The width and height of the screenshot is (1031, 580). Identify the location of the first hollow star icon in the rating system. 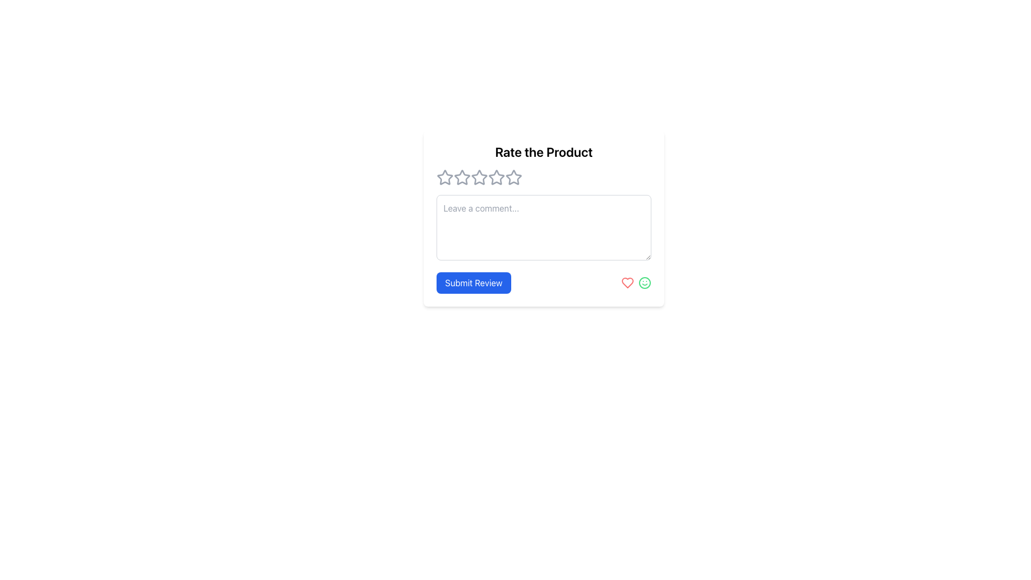
(445, 177).